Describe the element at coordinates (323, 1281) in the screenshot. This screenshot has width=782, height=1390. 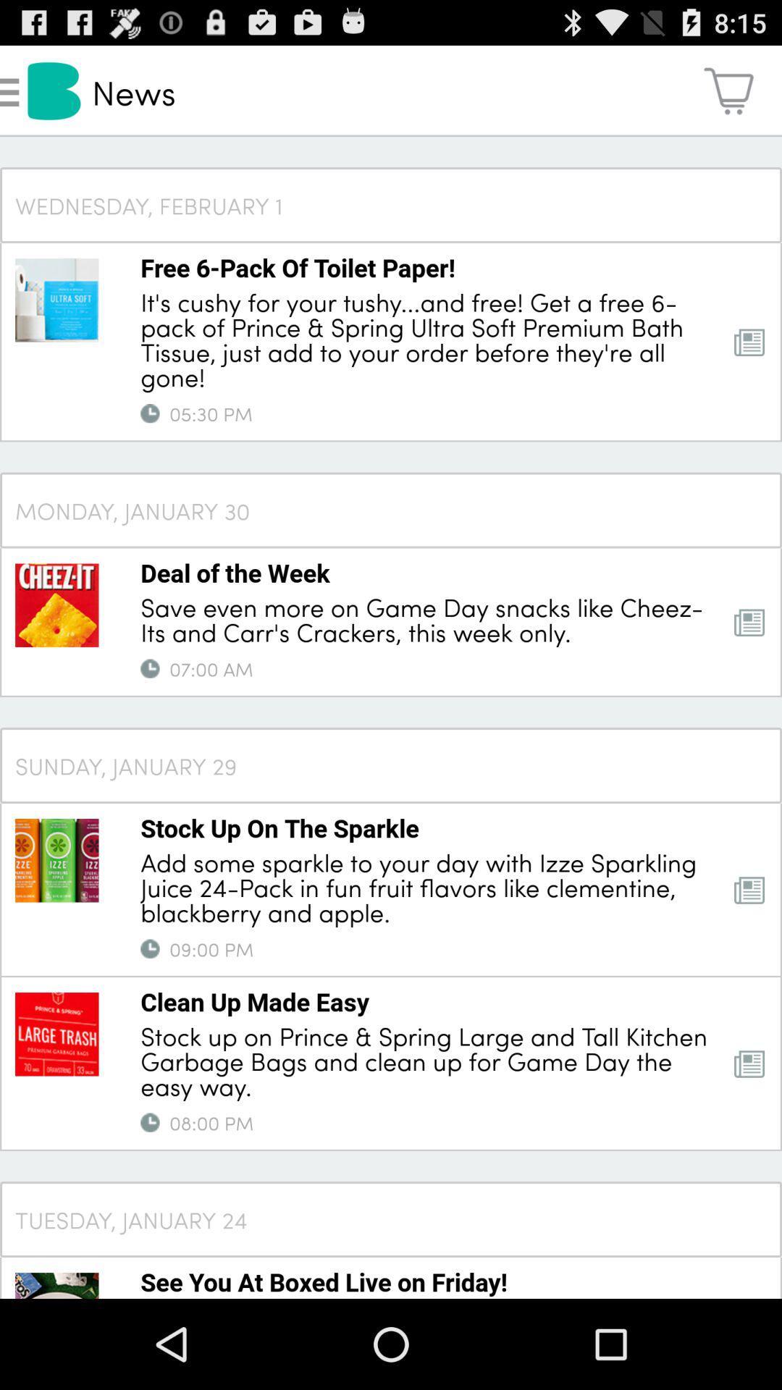
I see `the see you at item` at that location.